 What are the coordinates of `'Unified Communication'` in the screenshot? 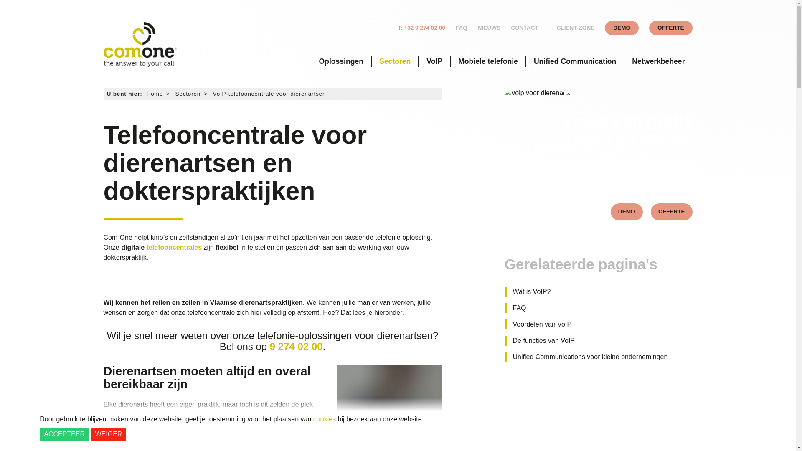 It's located at (574, 61).